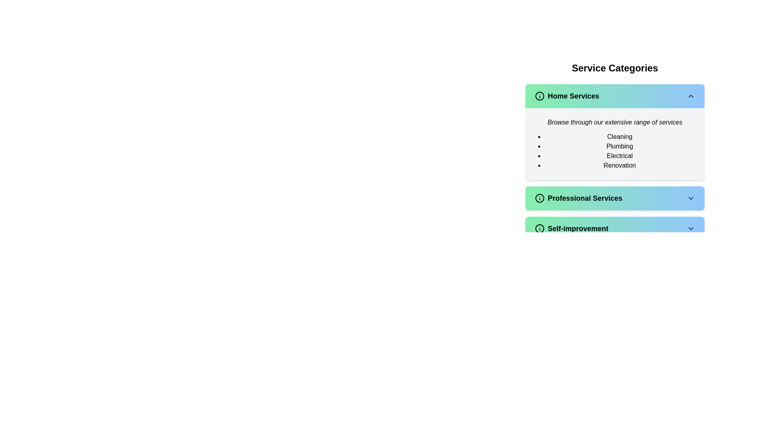 The width and height of the screenshot is (766, 431). Describe the element at coordinates (614, 229) in the screenshot. I see `the third button in the 'Service Categories' section` at that location.